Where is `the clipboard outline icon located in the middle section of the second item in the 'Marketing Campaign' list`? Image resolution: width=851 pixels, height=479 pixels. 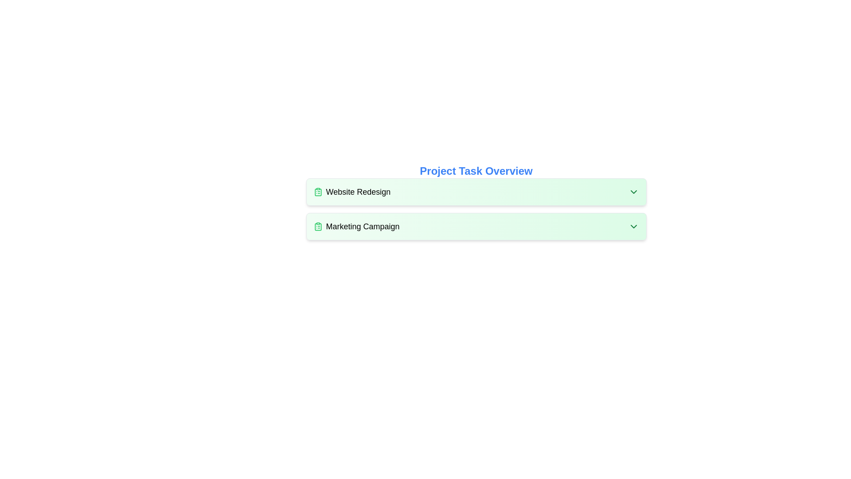
the clipboard outline icon located in the middle section of the second item in the 'Marketing Campaign' list is located at coordinates (318, 226).